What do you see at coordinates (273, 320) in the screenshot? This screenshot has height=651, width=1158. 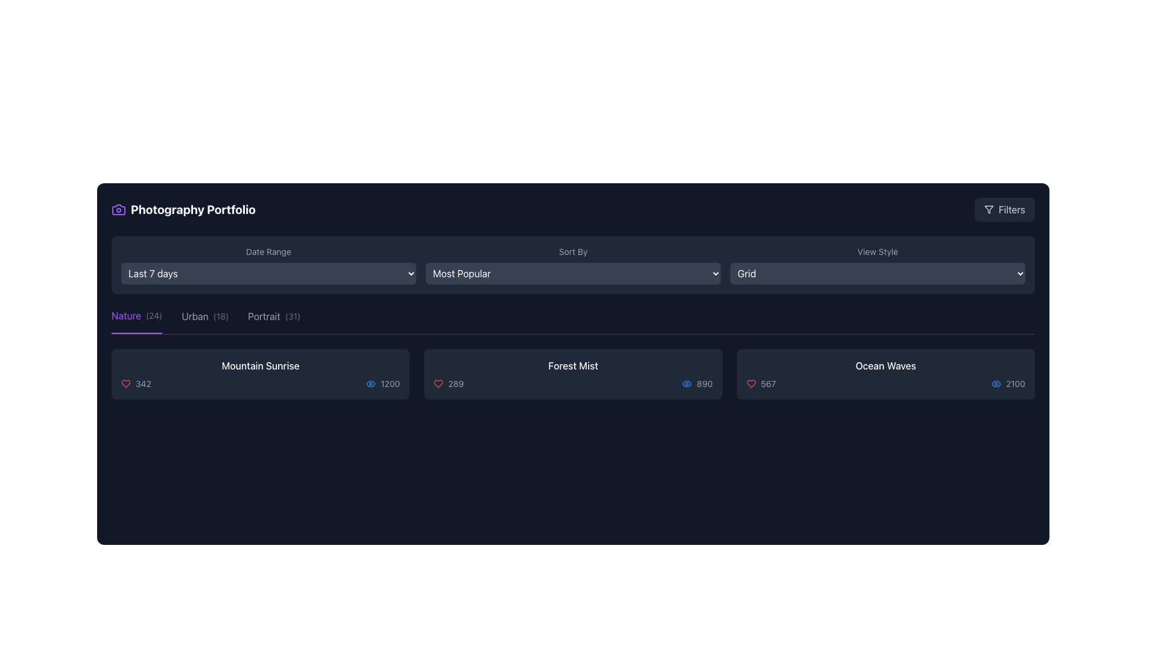 I see `the interactive text label 'Portrait' that displays the number '(31)' to potentially see a tooltip` at bounding box center [273, 320].